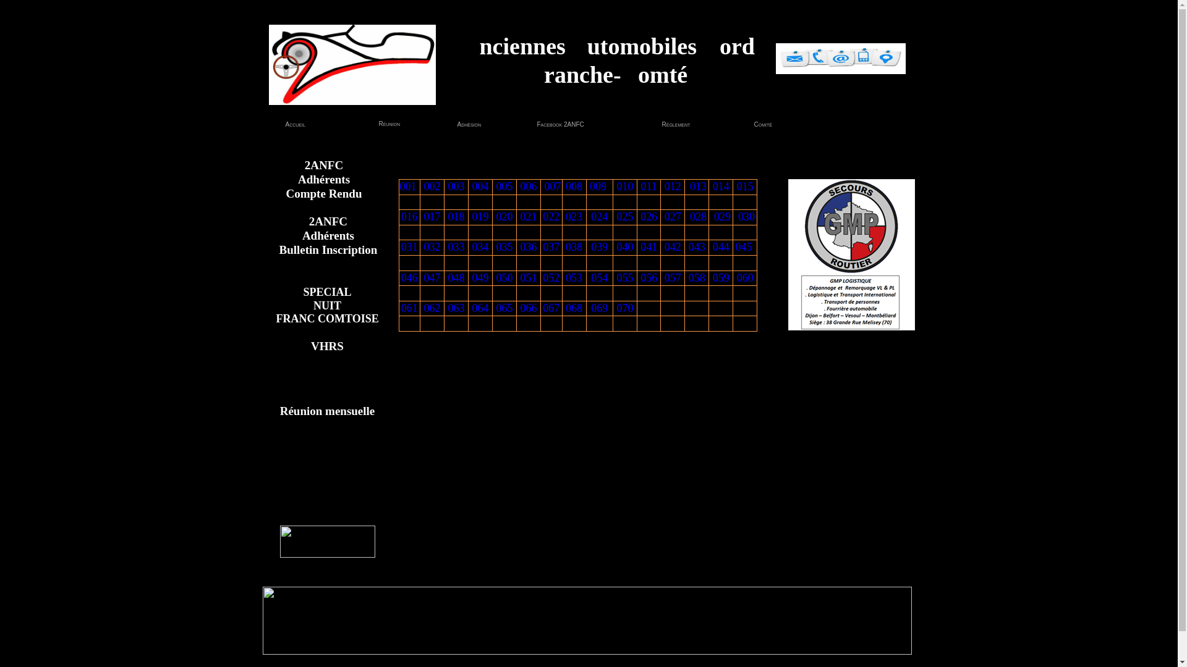 The image size is (1187, 667). I want to click on '044', so click(721, 247).